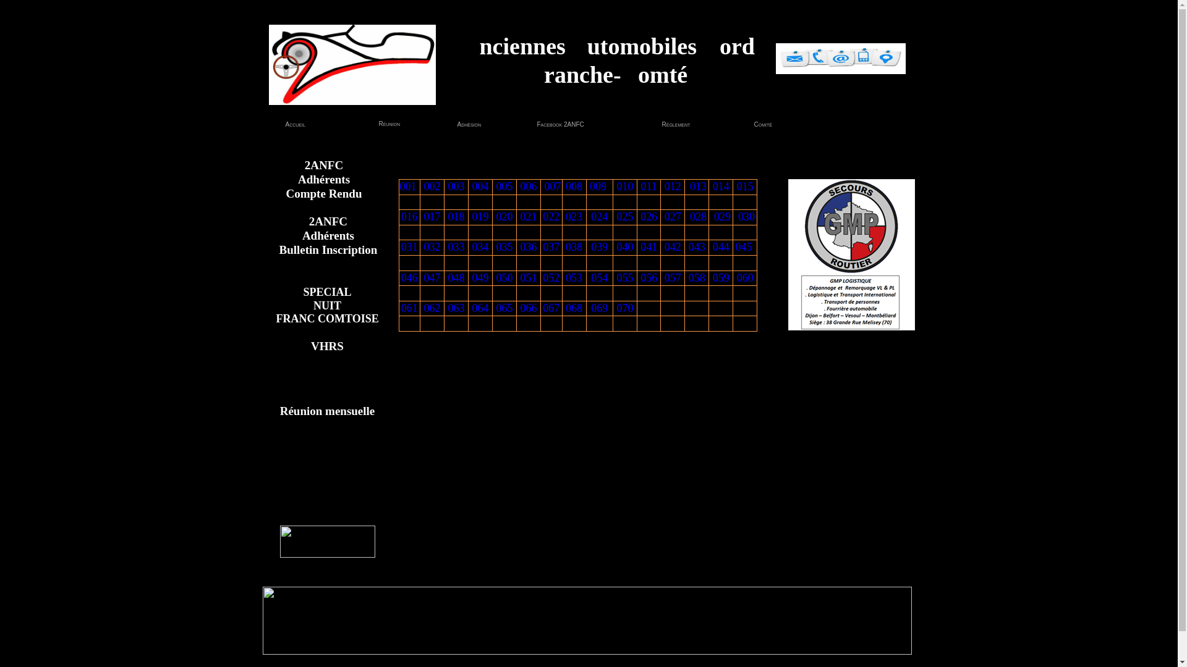 The image size is (1187, 667). I want to click on '044', so click(721, 247).